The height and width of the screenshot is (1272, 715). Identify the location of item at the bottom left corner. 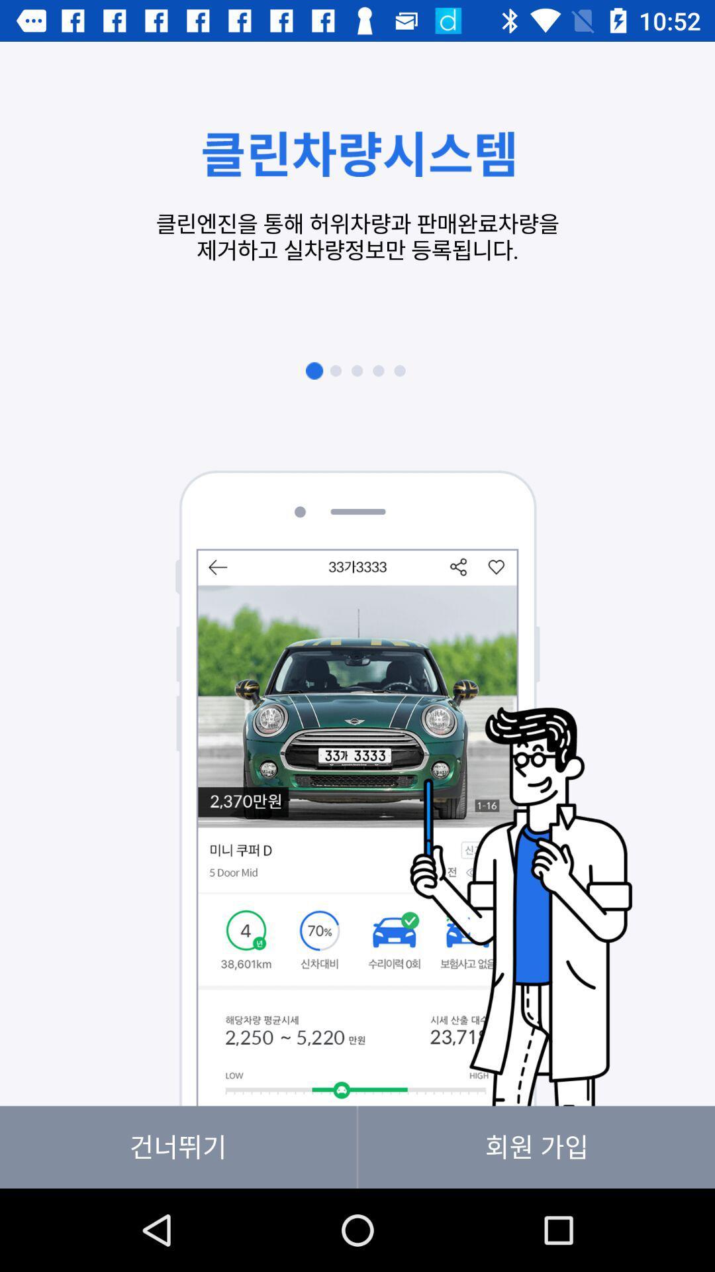
(177, 1146).